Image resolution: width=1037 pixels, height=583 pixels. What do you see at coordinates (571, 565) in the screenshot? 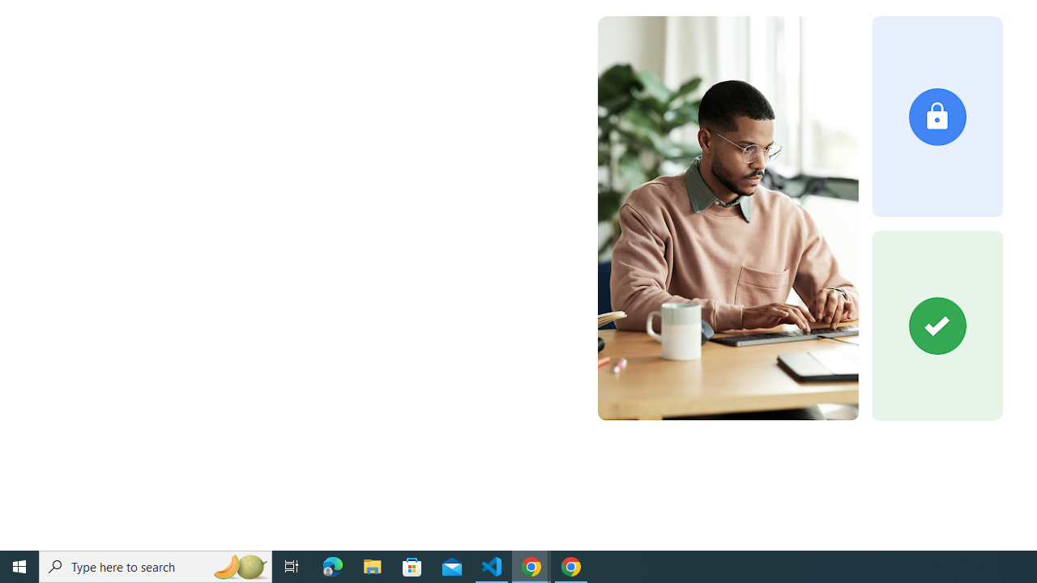
I see `'Google Chrome - 1 running window'` at bounding box center [571, 565].